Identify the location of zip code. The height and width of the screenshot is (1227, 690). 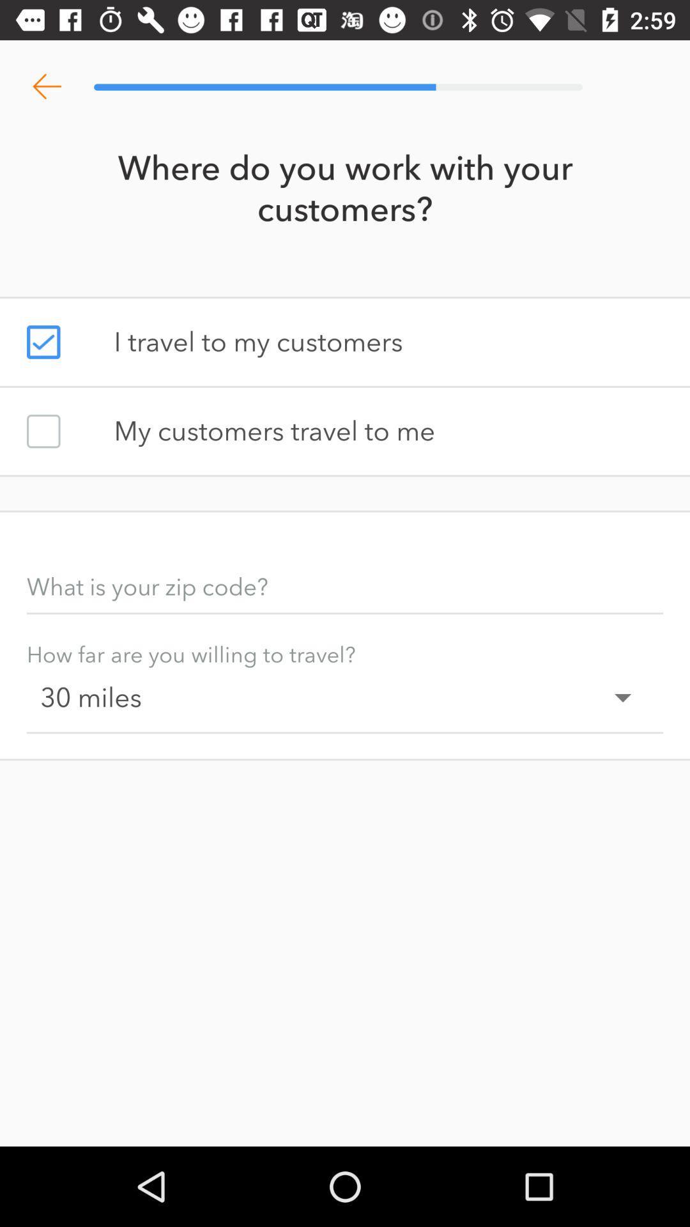
(345, 585).